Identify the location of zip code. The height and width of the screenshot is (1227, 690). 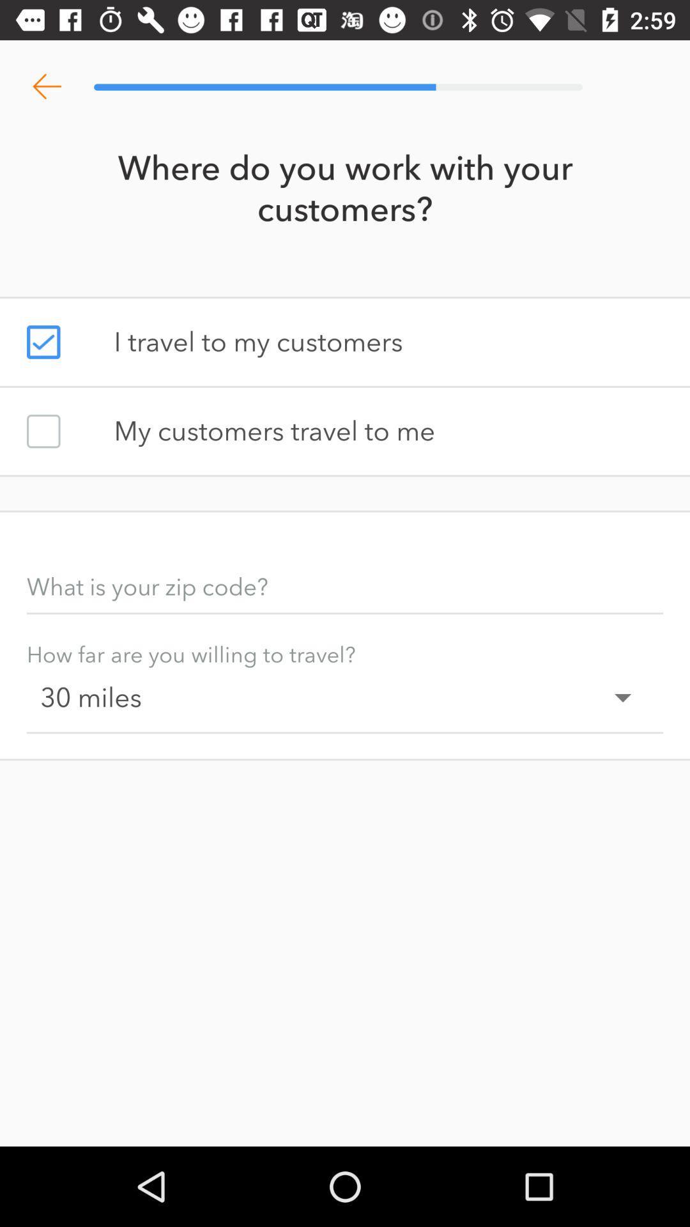
(345, 585).